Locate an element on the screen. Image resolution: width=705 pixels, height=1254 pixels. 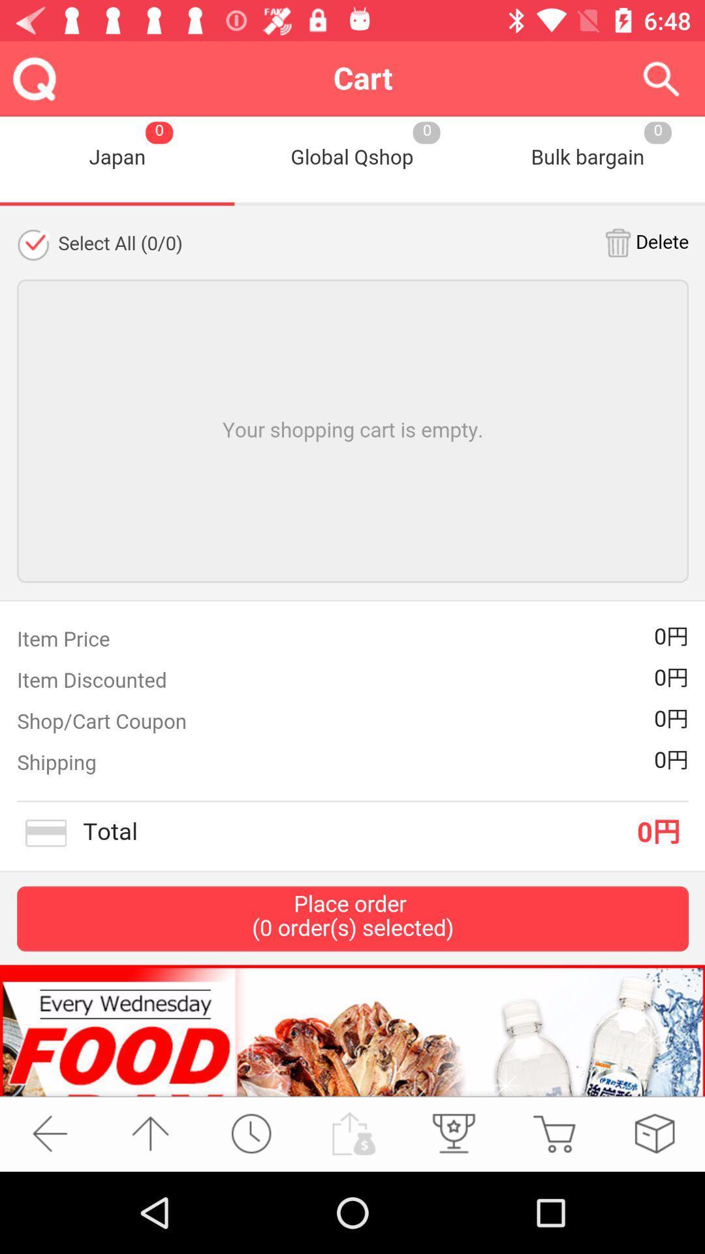
the arrow_backward icon is located at coordinates (49, 1133).